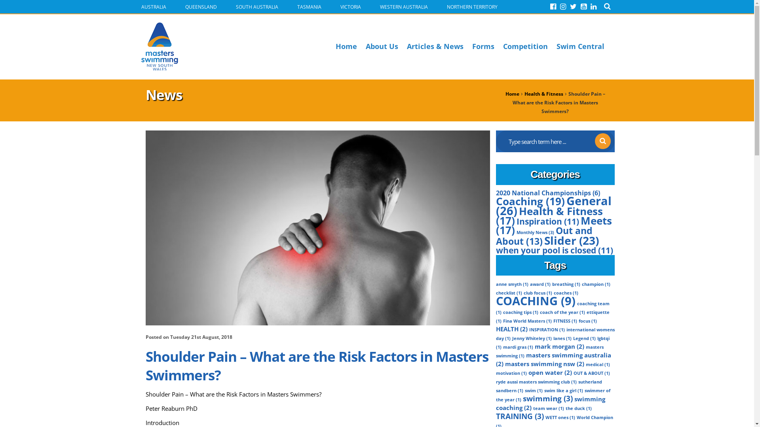 This screenshot has width=760, height=427. Describe the element at coordinates (547, 193) in the screenshot. I see `'2020 National Championships (6)'` at that location.